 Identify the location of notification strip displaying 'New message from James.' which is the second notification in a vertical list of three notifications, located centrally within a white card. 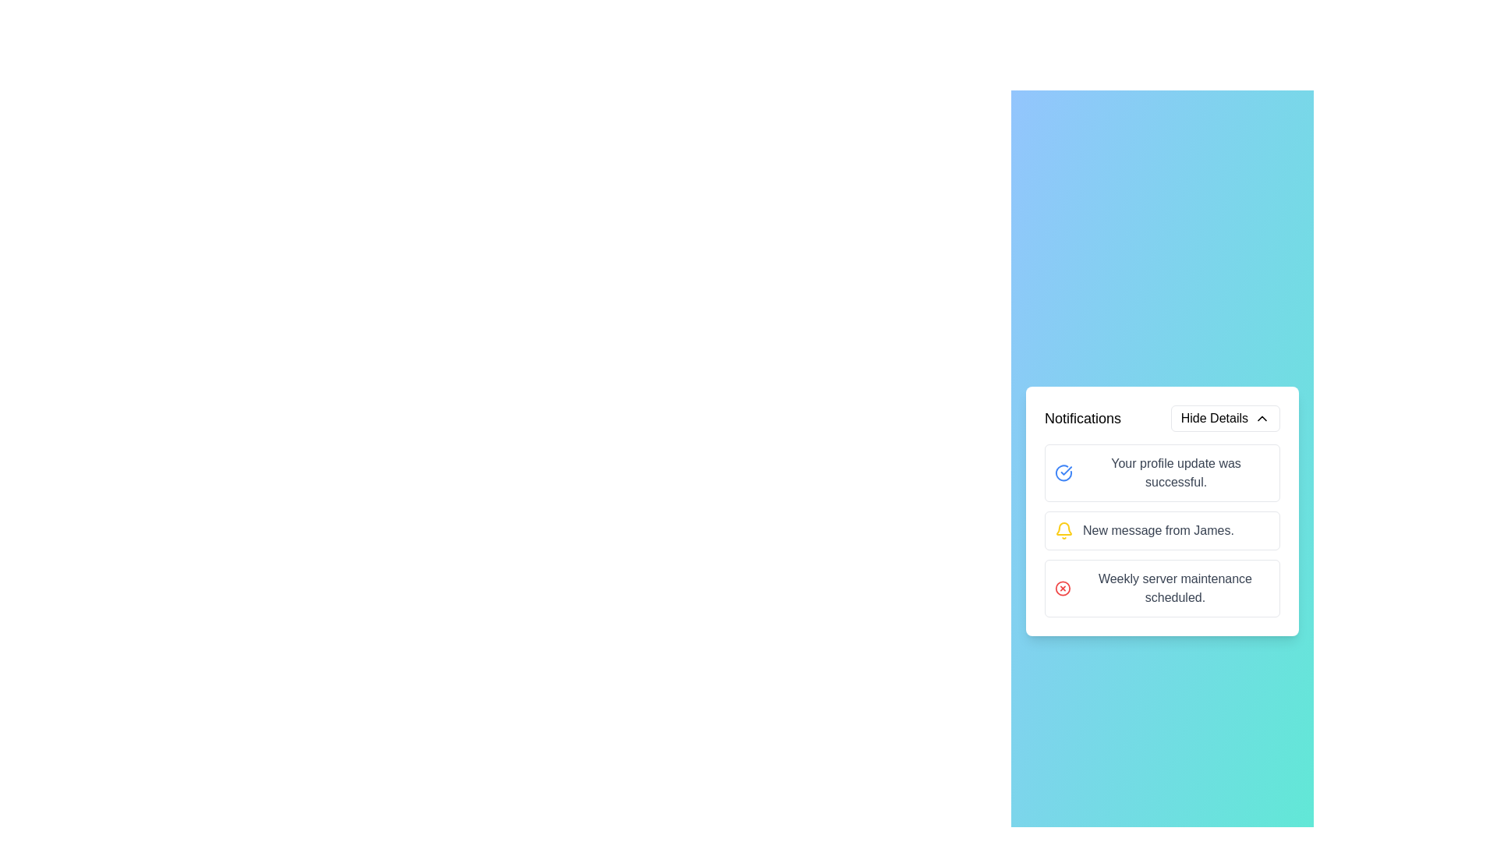
(1163, 530).